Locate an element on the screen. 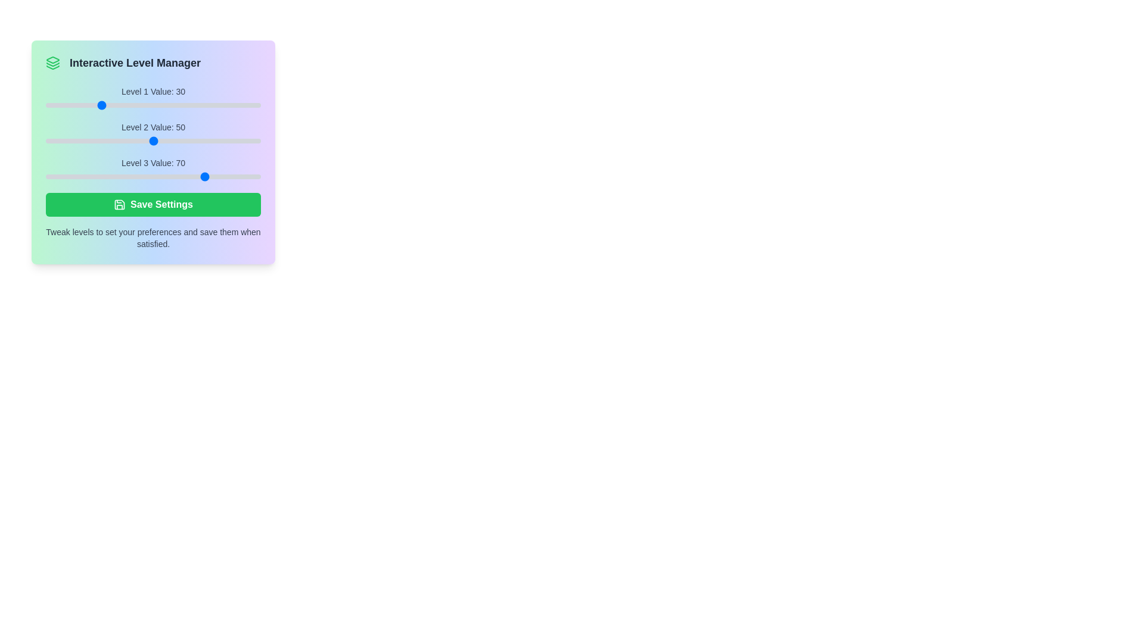 The width and height of the screenshot is (1144, 643). the Level 3 value is located at coordinates (110, 177).